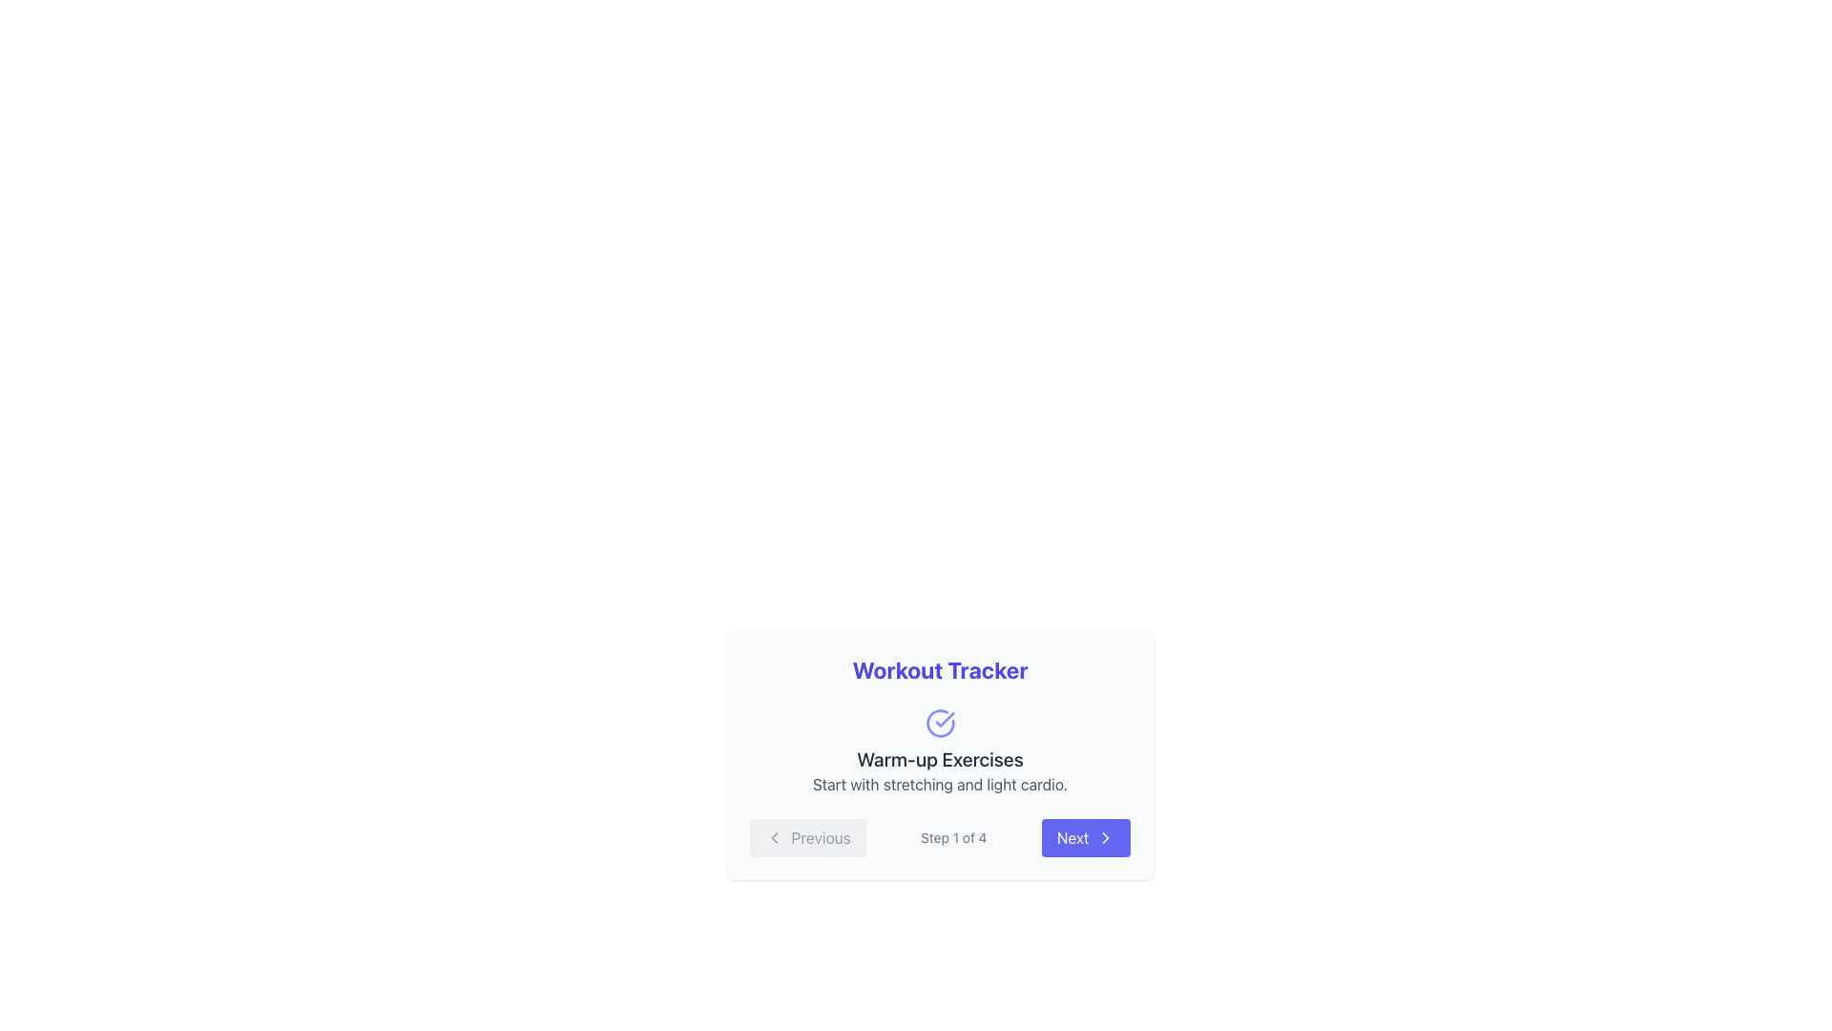  Describe the element at coordinates (774, 837) in the screenshot. I see `the 'Previous' button which contains the leftward chevron icon` at that location.